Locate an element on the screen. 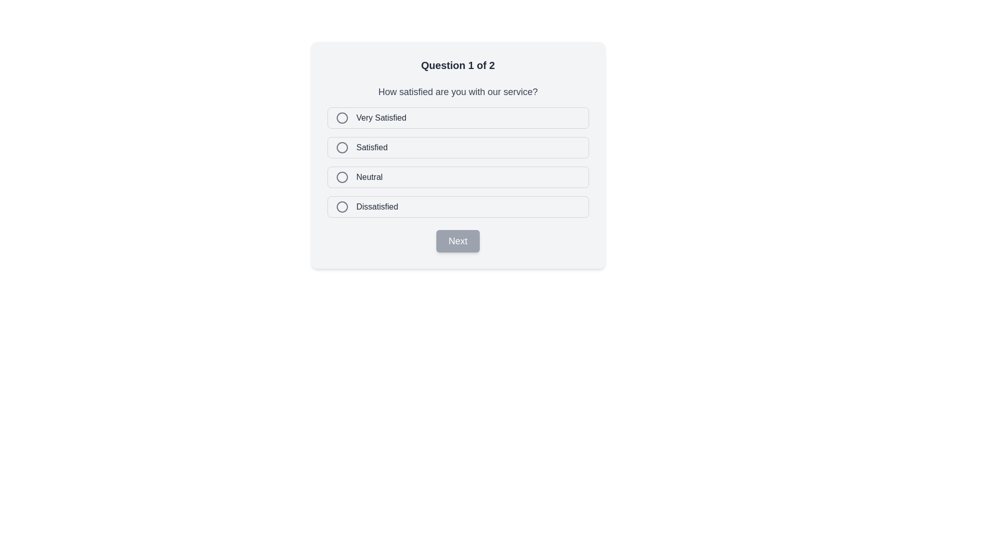 The height and width of the screenshot is (552, 981). the text label displaying 'Dissatisfied', which is bold and dark gray, located to the right of the last circular radio button in a list of satisfaction levels is located at coordinates (377, 207).